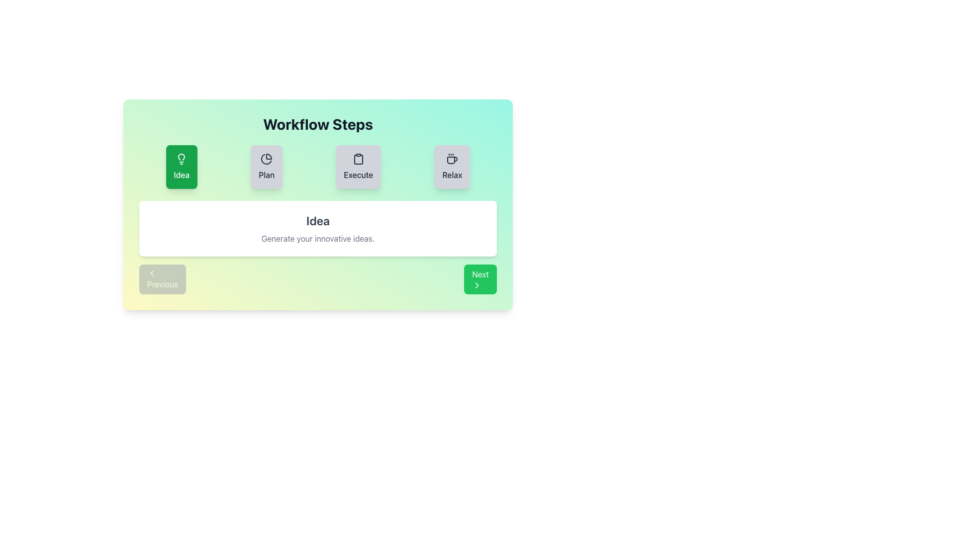 The width and height of the screenshot is (955, 537). I want to click on the 'Plan' button, which is the second button in the workflow sequence, to possibly see a tooltip or change the style, so click(267, 166).